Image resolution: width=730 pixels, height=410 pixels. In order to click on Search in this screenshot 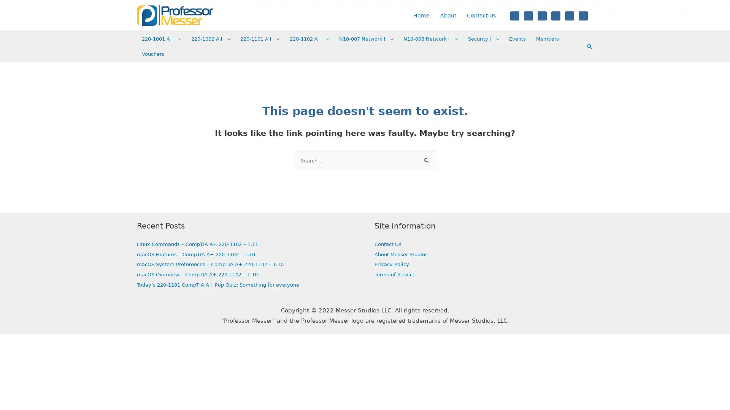, I will do `click(427, 158)`.